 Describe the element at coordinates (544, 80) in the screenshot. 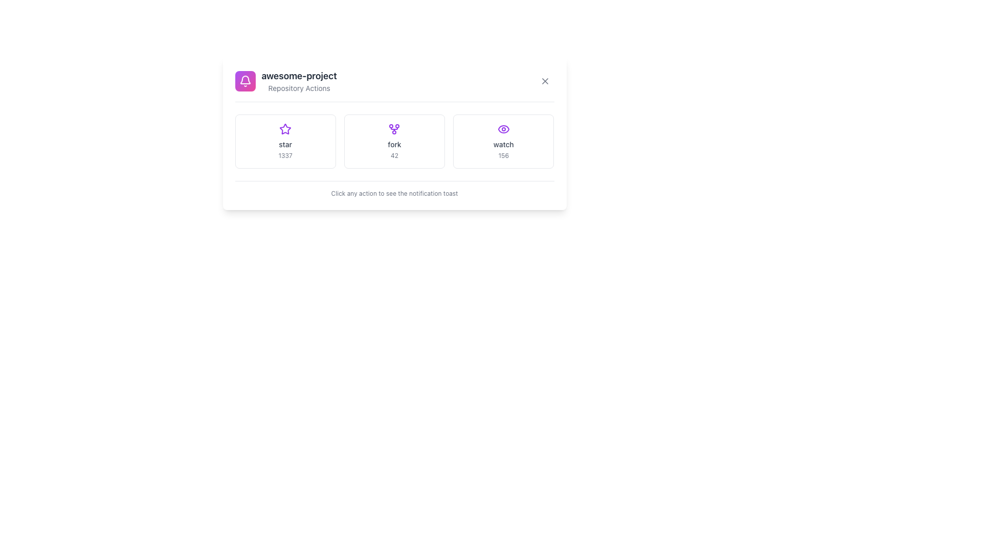

I see `the small gray cross icon located at the upper-right corner of the card panel` at that location.